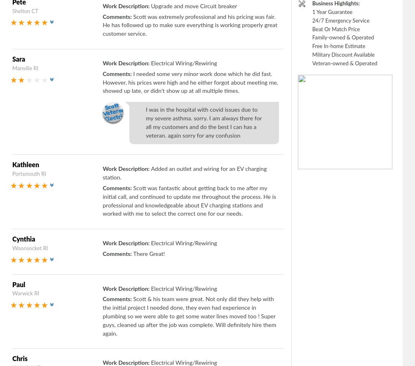 The image size is (415, 366). What do you see at coordinates (25, 294) in the screenshot?
I see `'Warwick RI'` at bounding box center [25, 294].